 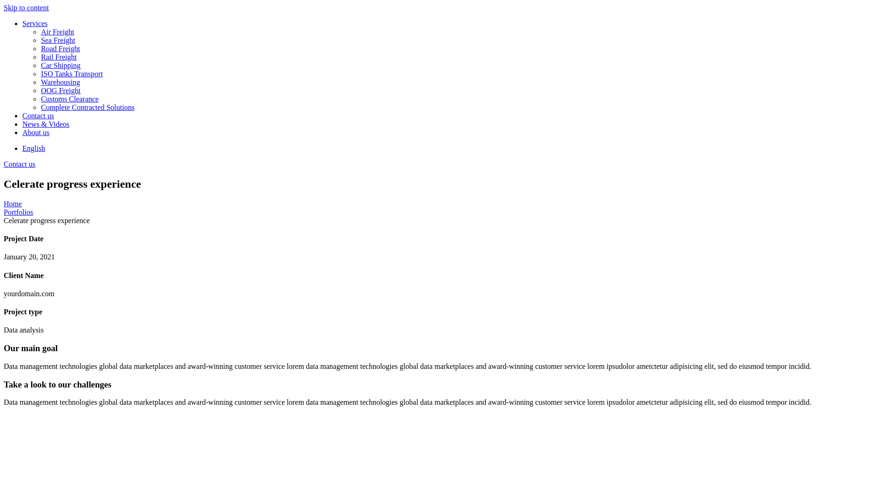 I want to click on 'OOG Freight', so click(x=40, y=91).